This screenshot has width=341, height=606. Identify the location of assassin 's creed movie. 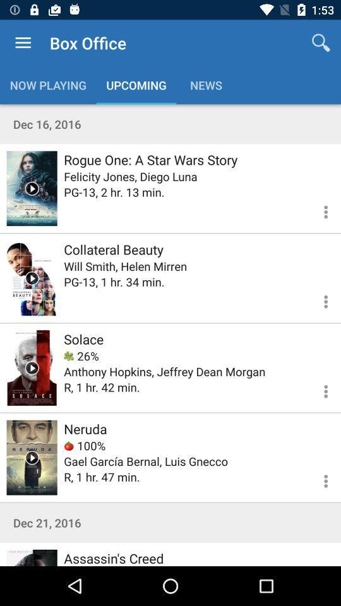
(32, 557).